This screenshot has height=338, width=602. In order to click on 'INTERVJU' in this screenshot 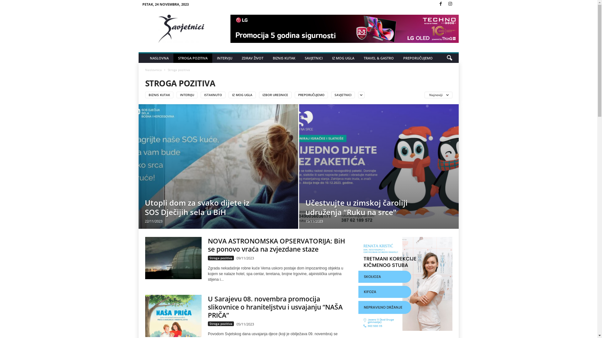, I will do `click(224, 58)`.